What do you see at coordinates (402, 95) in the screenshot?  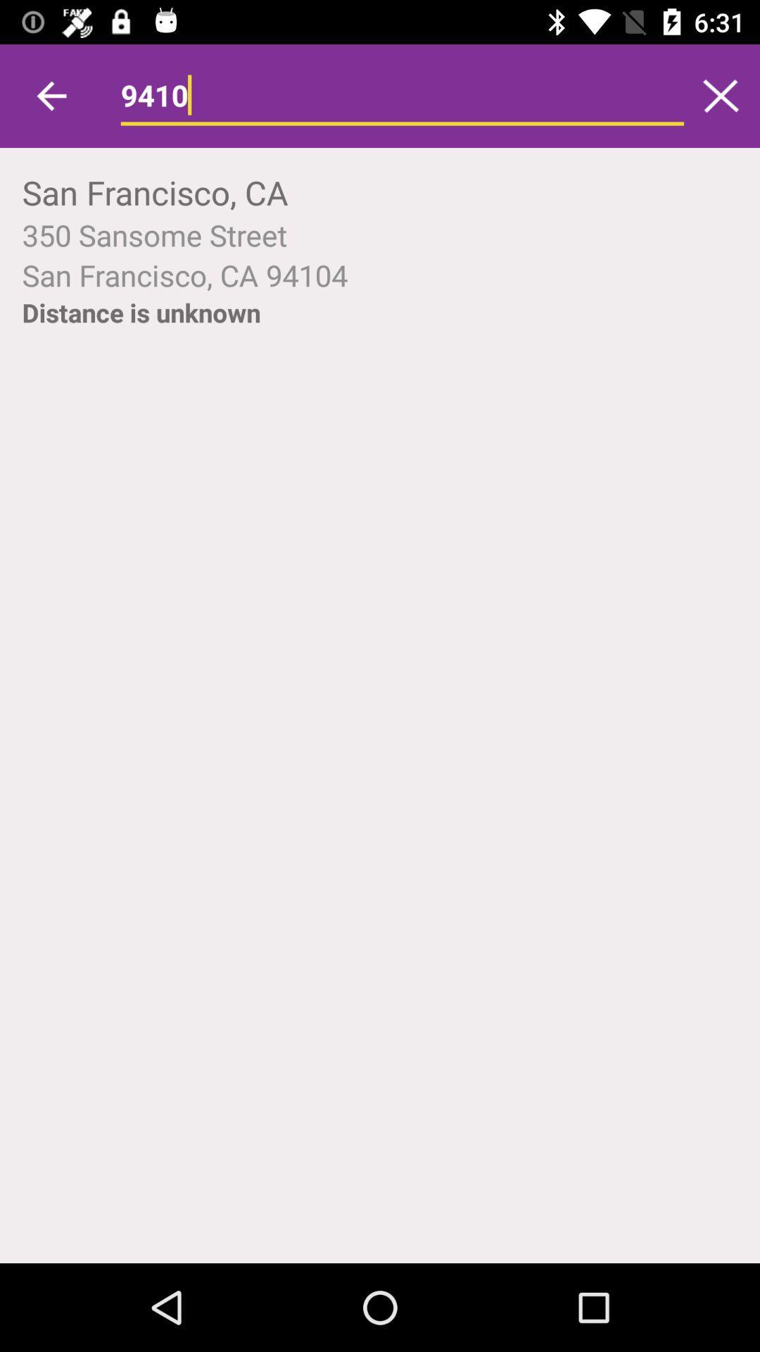 I see `9410` at bounding box center [402, 95].